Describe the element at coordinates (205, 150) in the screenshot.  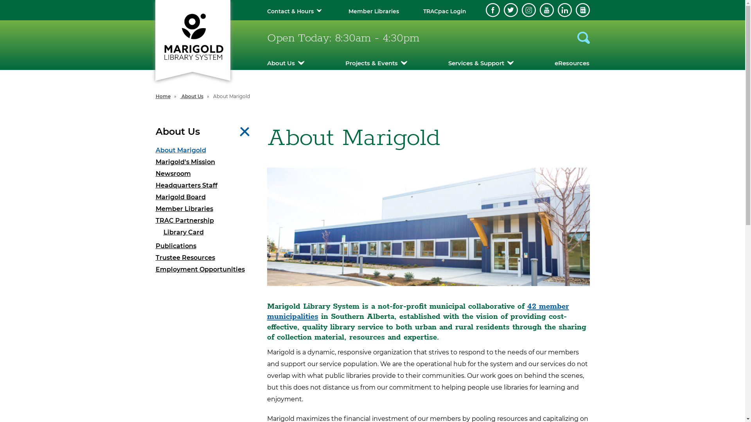
I see `'About Marigold'` at that location.